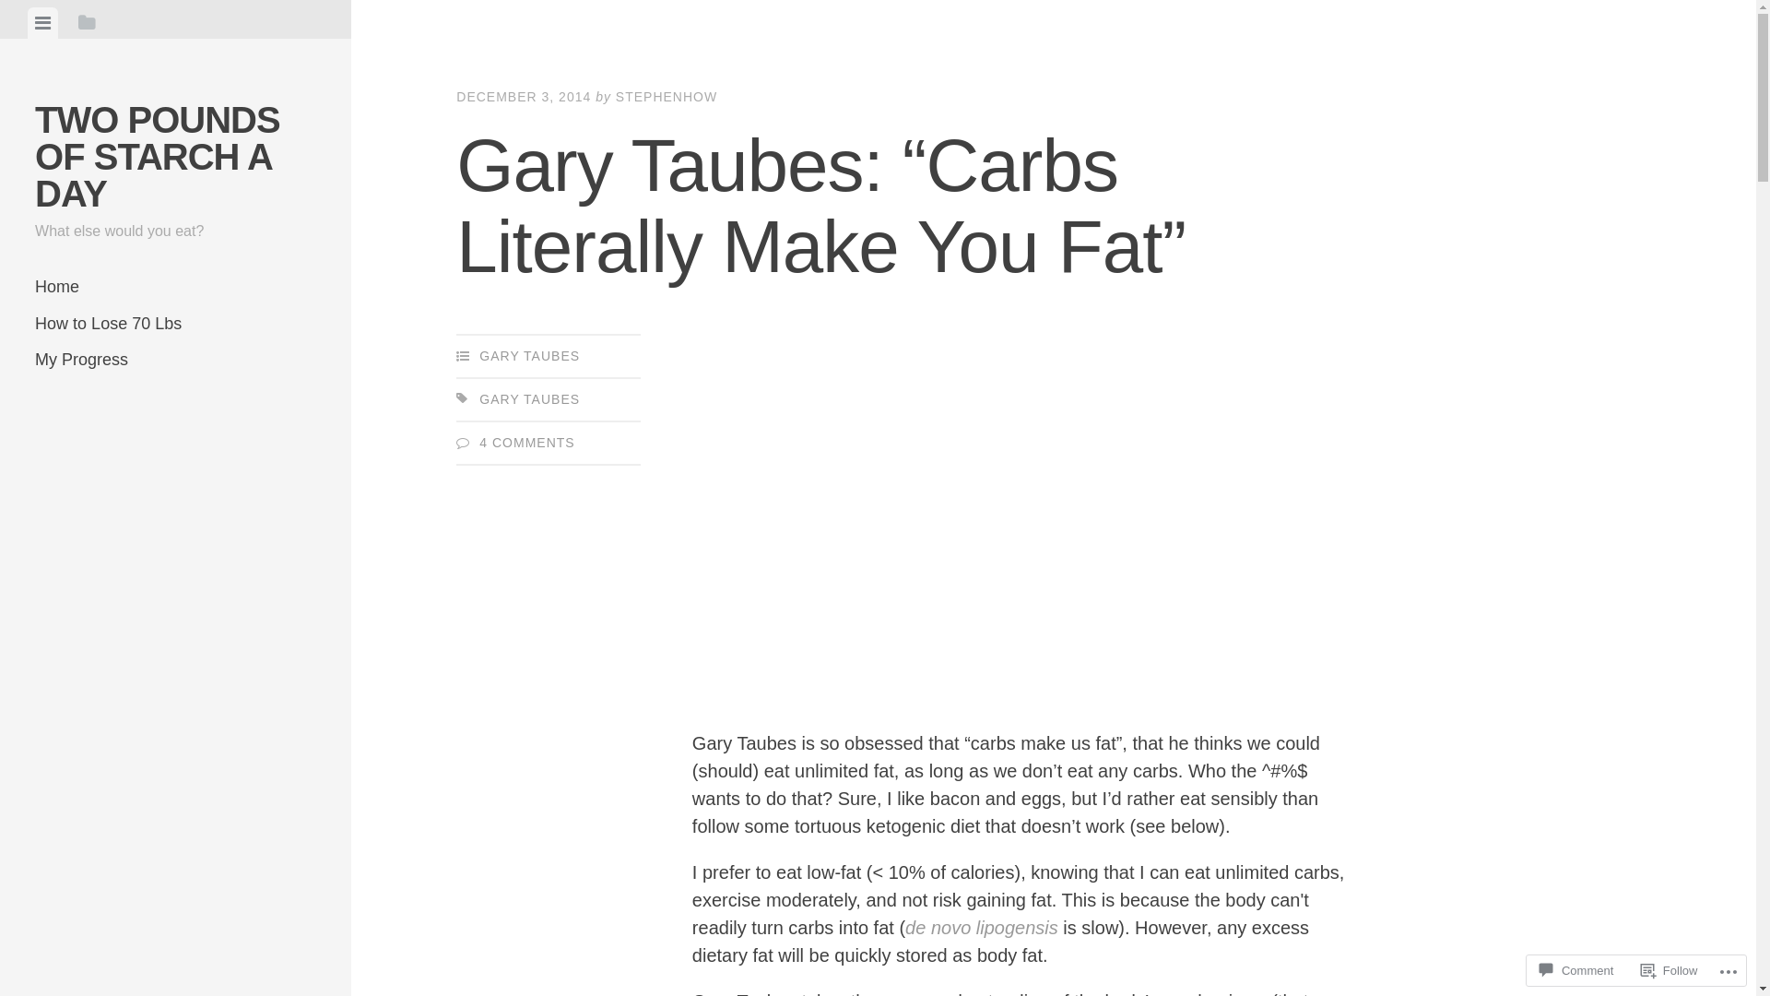 The width and height of the screenshot is (1770, 996). Describe the element at coordinates (522, 96) in the screenshot. I see `'DECEMBER 3, 2014'` at that location.